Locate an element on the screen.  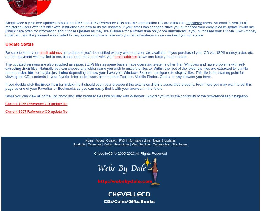
'(or' is located at coordinates (61, 84).